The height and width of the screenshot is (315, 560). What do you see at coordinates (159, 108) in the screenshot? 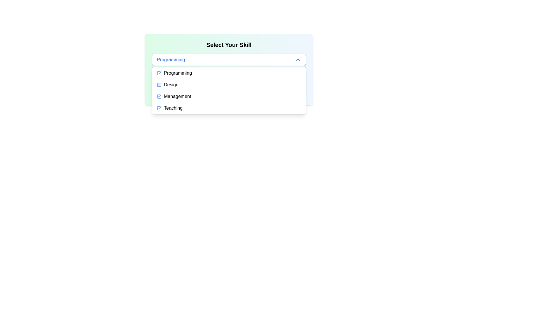
I see `the interactive icon` at bounding box center [159, 108].